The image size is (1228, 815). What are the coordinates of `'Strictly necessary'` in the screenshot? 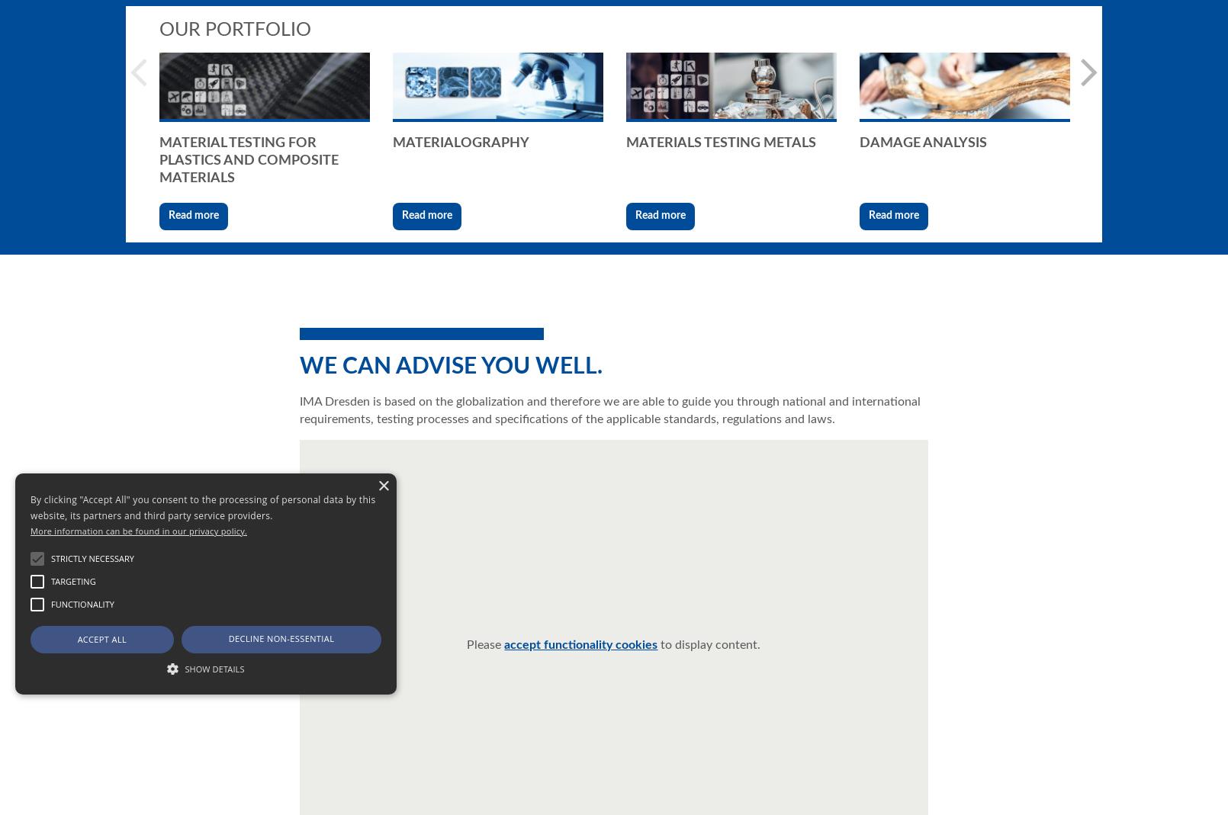 It's located at (92, 557).